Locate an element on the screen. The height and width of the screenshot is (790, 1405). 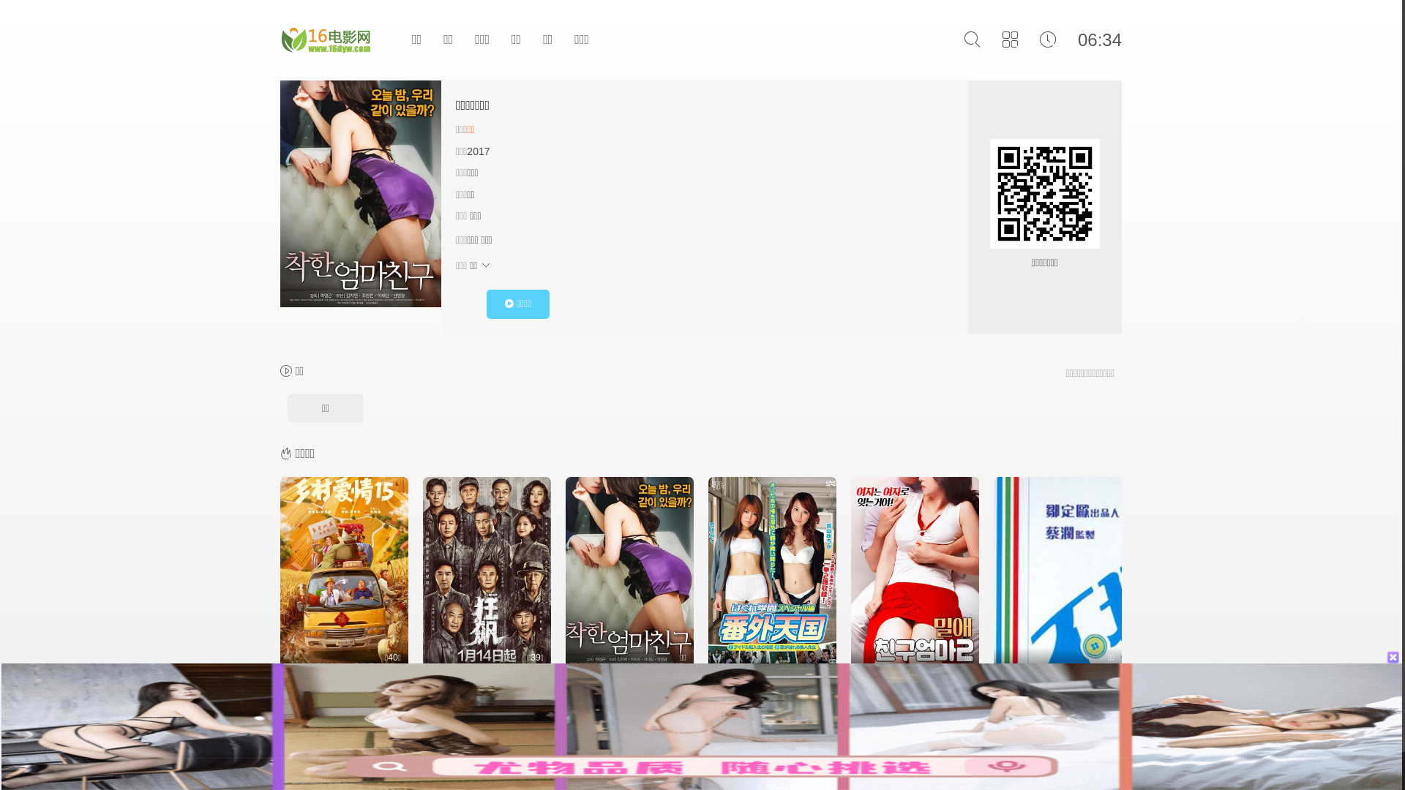
'2017' is located at coordinates (478, 151).